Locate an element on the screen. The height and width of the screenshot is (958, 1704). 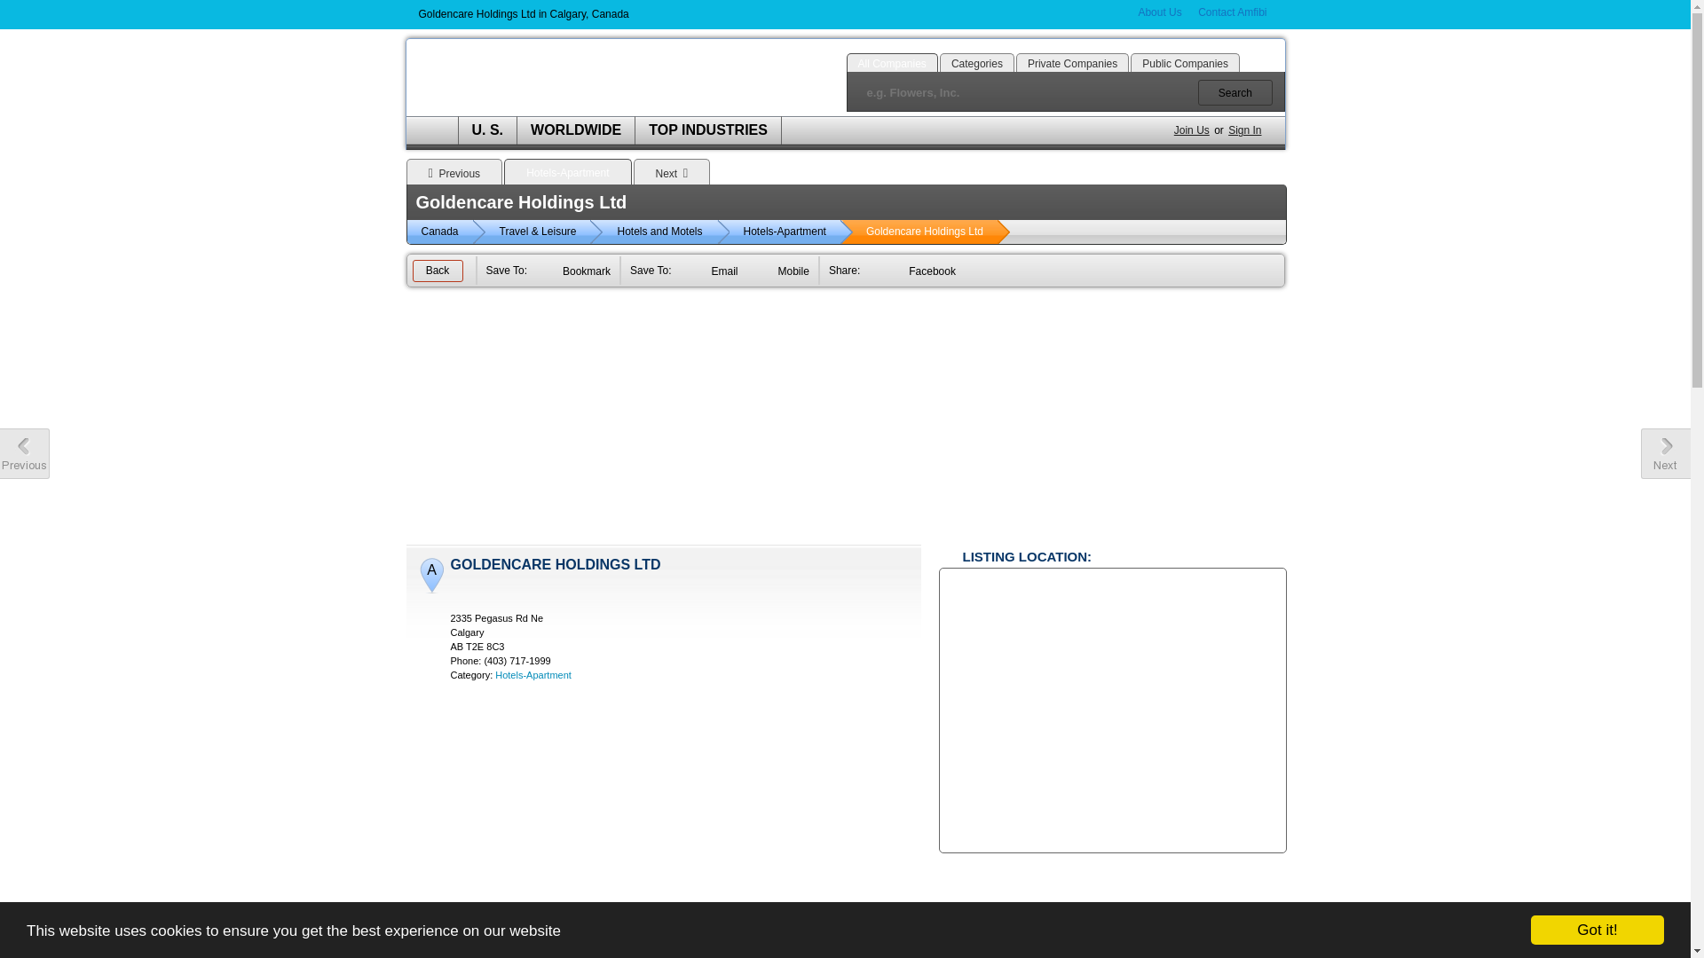
'Hotels-Apartment' is located at coordinates (790, 231).